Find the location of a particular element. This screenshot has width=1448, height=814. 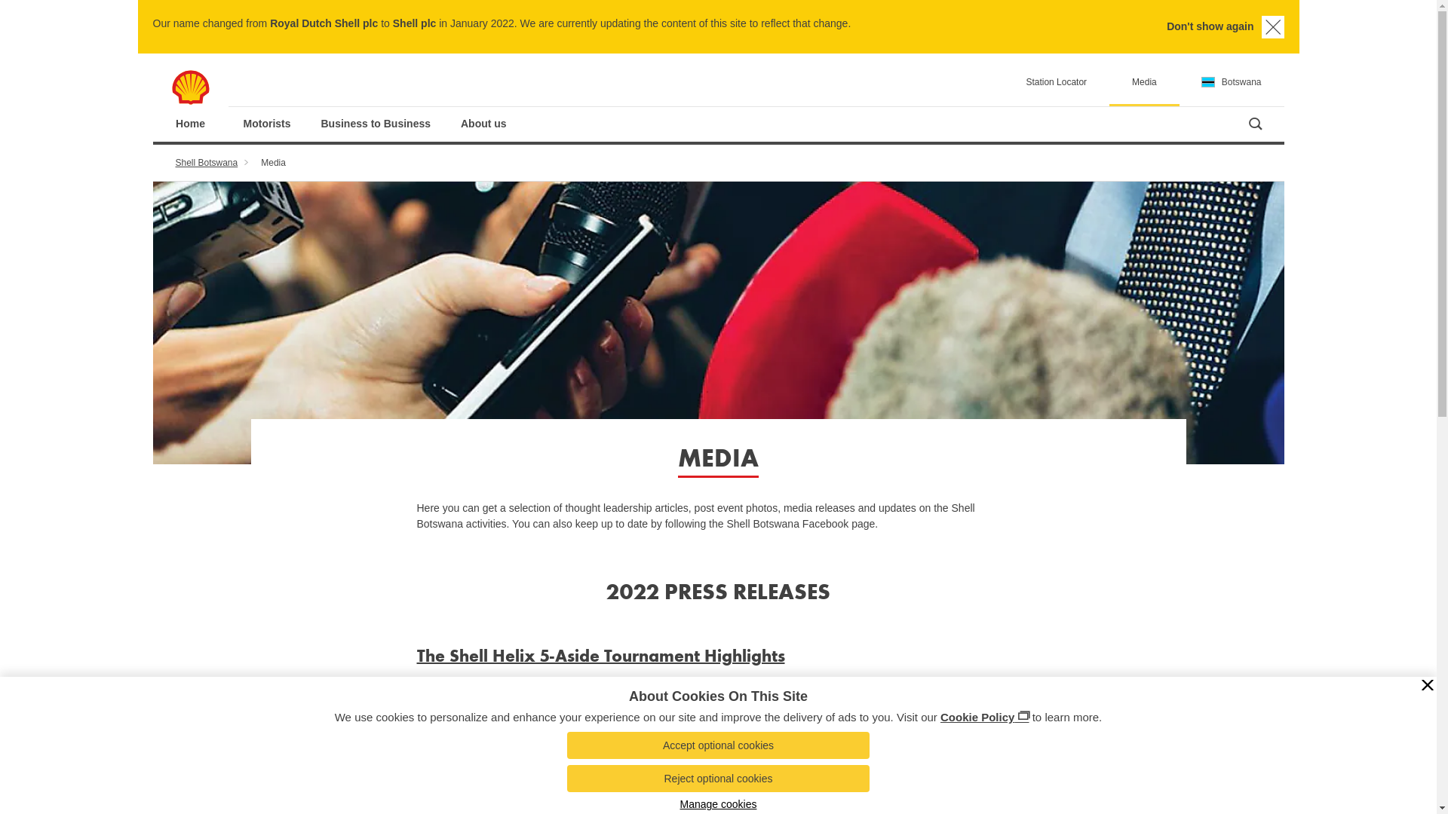

'Business to Business' is located at coordinates (376, 123).